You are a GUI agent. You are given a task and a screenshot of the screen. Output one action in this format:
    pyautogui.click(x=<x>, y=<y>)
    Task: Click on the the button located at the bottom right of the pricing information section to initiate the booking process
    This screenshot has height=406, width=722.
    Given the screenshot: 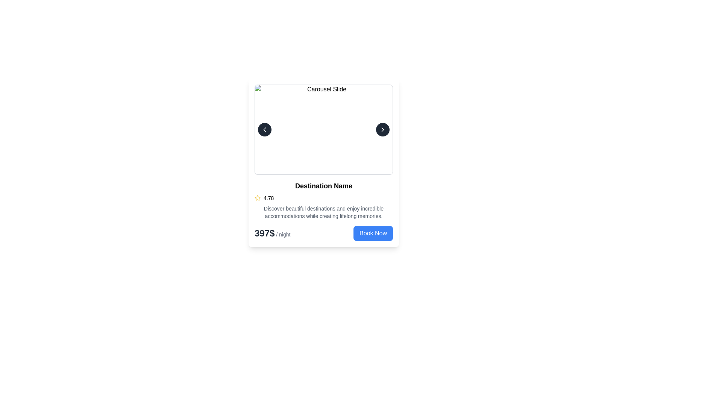 What is the action you would take?
    pyautogui.click(x=373, y=233)
    